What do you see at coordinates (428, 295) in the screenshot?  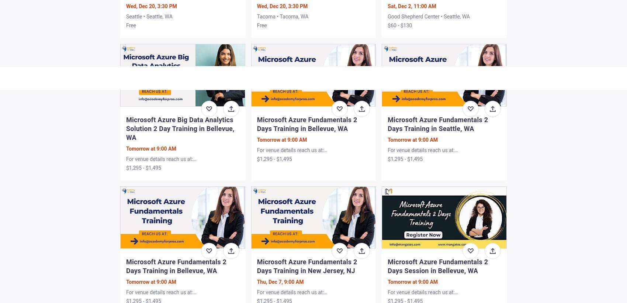 I see `'For venue details  reach us at: info@mangates.com • Bellevue, WA'` at bounding box center [428, 295].